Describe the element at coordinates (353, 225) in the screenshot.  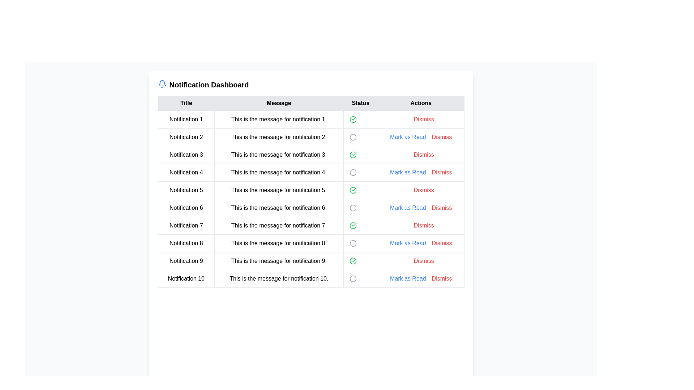
I see `the status icon that indicates the notification has been marked as read or completed, located in the 'Status' column of the table for the seventh notification row` at that location.